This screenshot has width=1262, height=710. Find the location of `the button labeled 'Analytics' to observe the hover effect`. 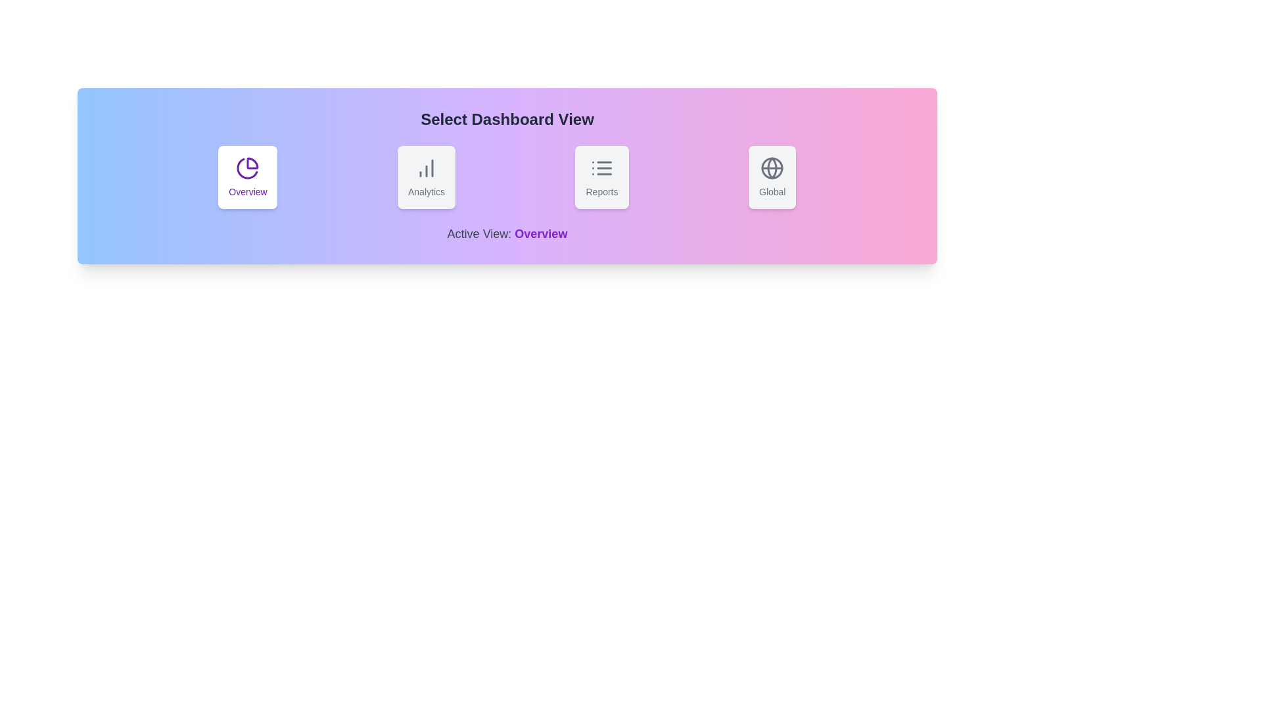

the button labeled 'Analytics' to observe the hover effect is located at coordinates (426, 177).